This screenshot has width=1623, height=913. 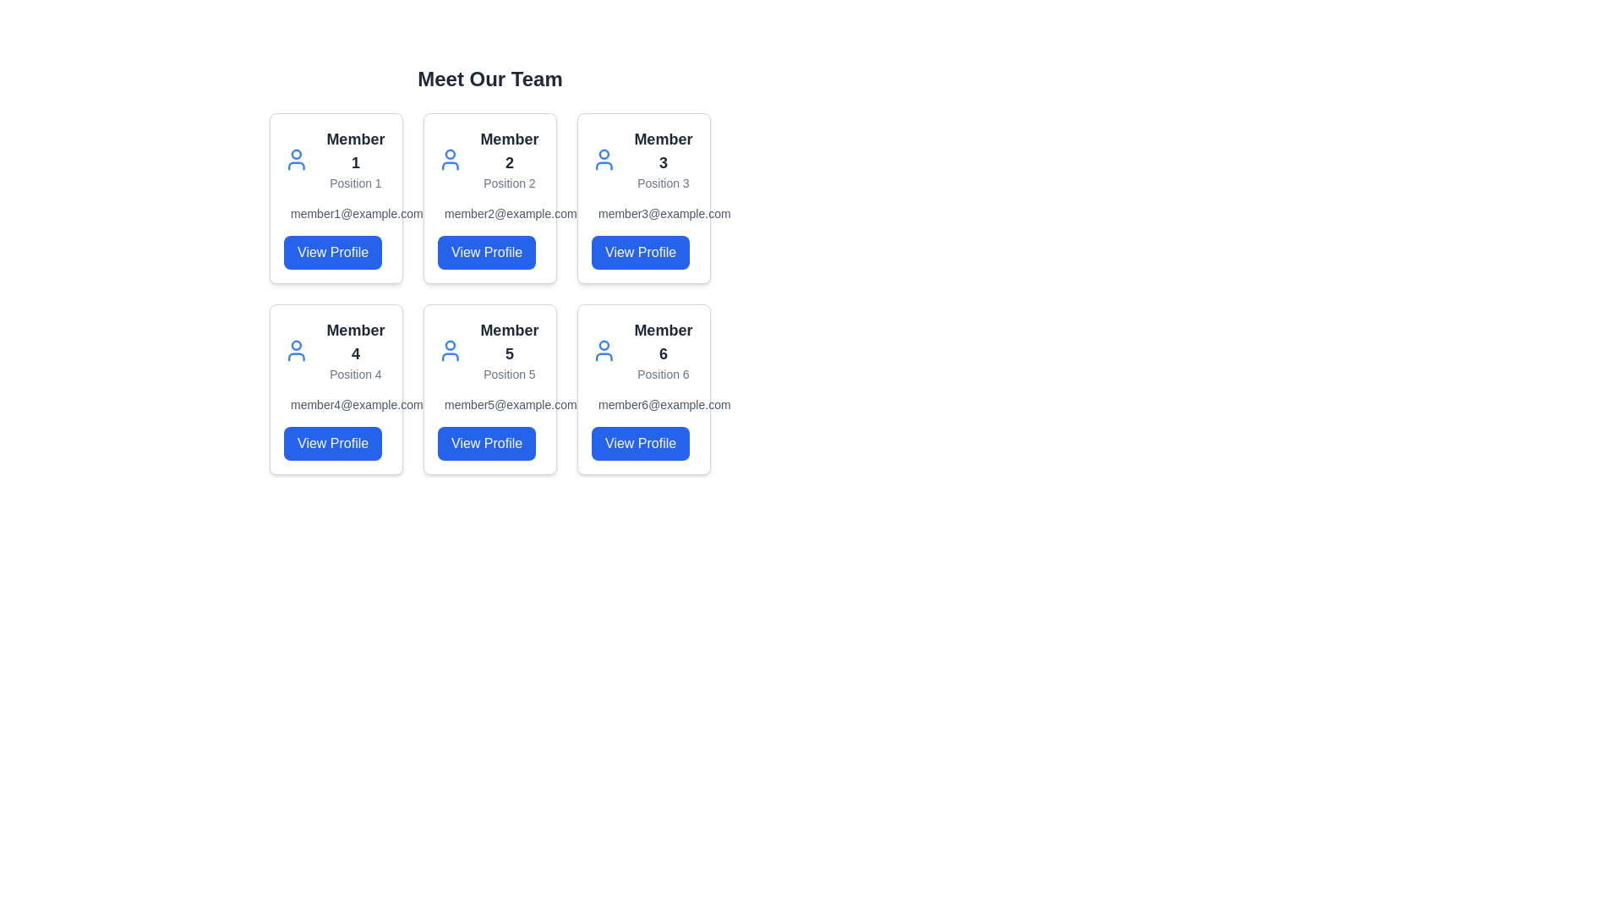 What do you see at coordinates (336, 213) in the screenshot?
I see `the static text displaying the email address 'member1@example.com' located in the first card of the 'Meet Our Team' layout` at bounding box center [336, 213].